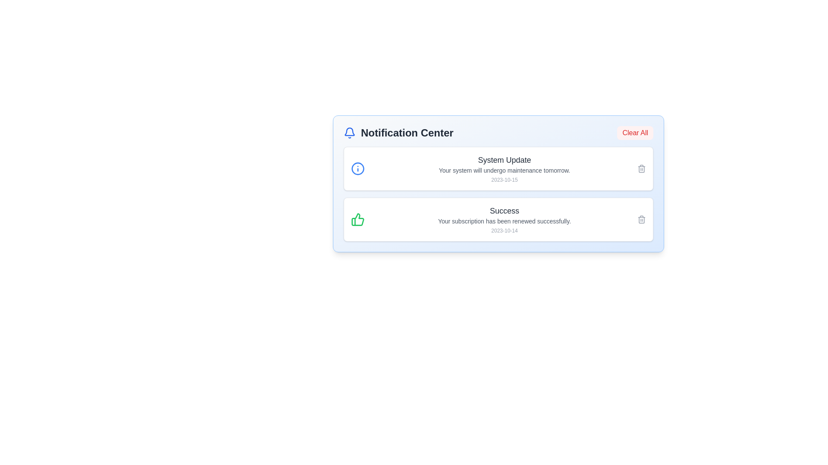 The height and width of the screenshot is (465, 828). I want to click on the small, gray-colored text displaying the date '2023-10-15', which is located below the notification description 'Your system will undergo maintenance tomorrow.', so click(505, 179).